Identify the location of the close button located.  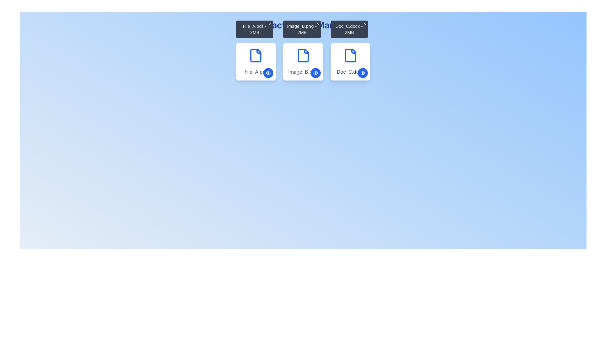
(317, 23).